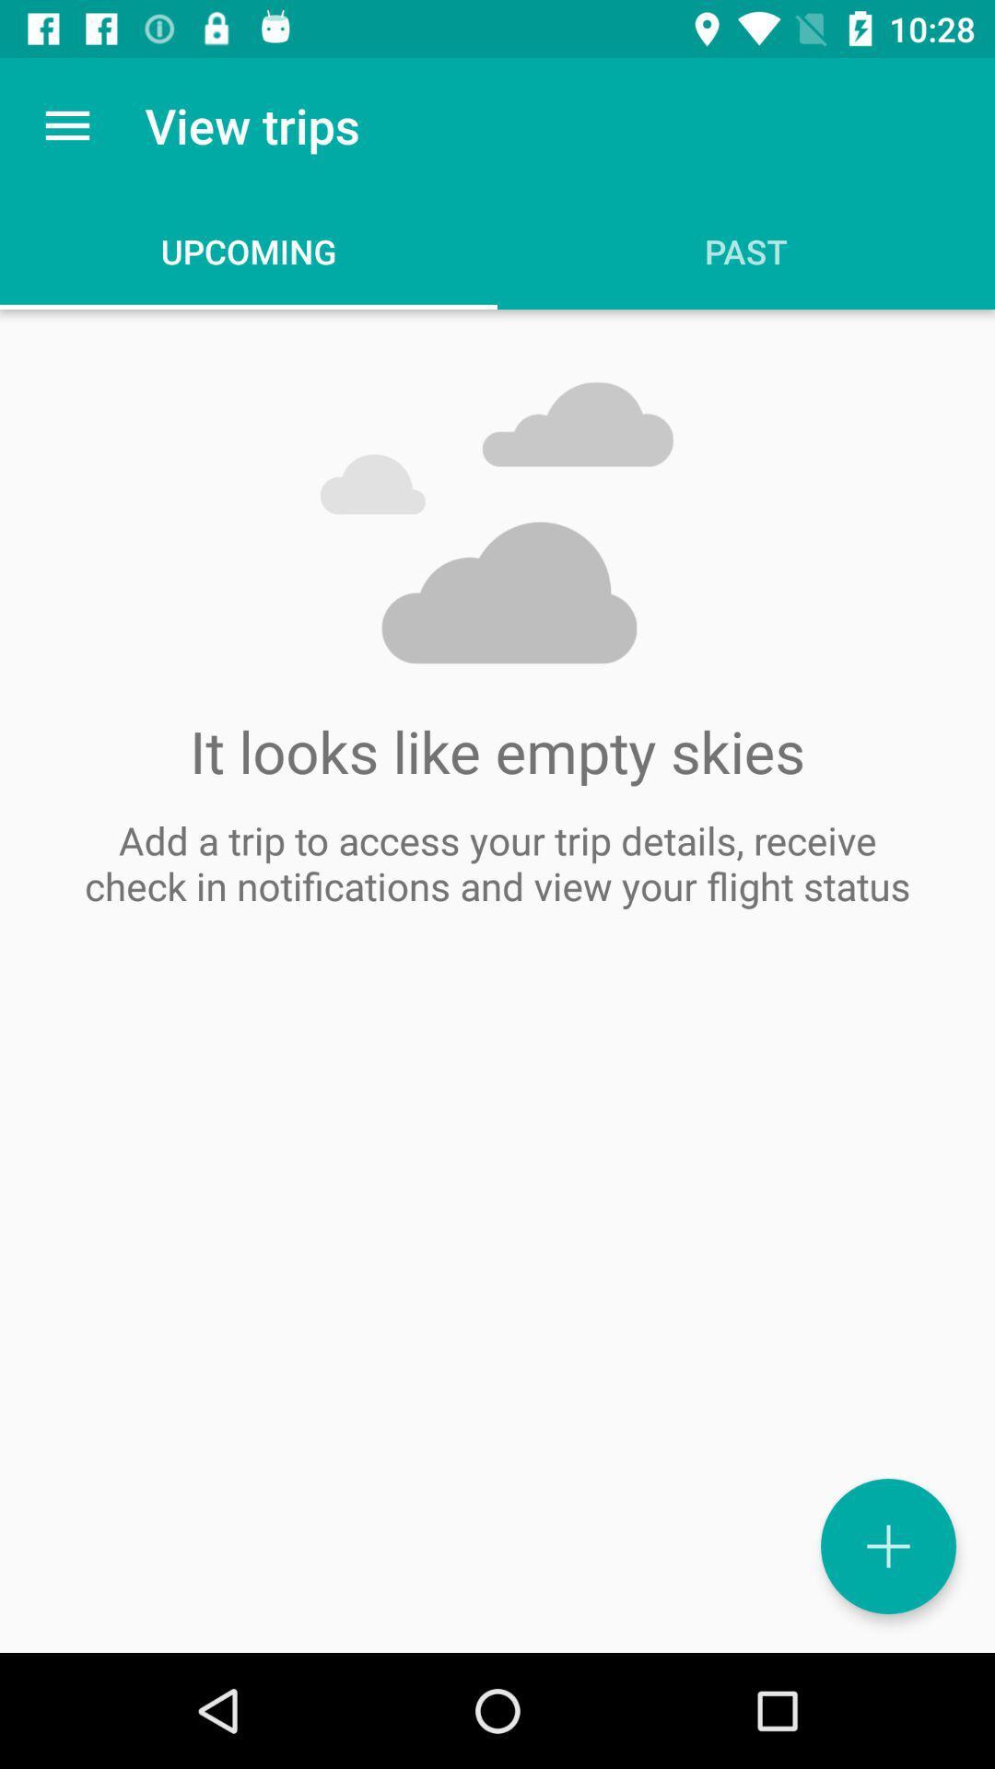 Image resolution: width=995 pixels, height=1769 pixels. Describe the element at coordinates (66, 124) in the screenshot. I see `icon above the add a trip` at that location.